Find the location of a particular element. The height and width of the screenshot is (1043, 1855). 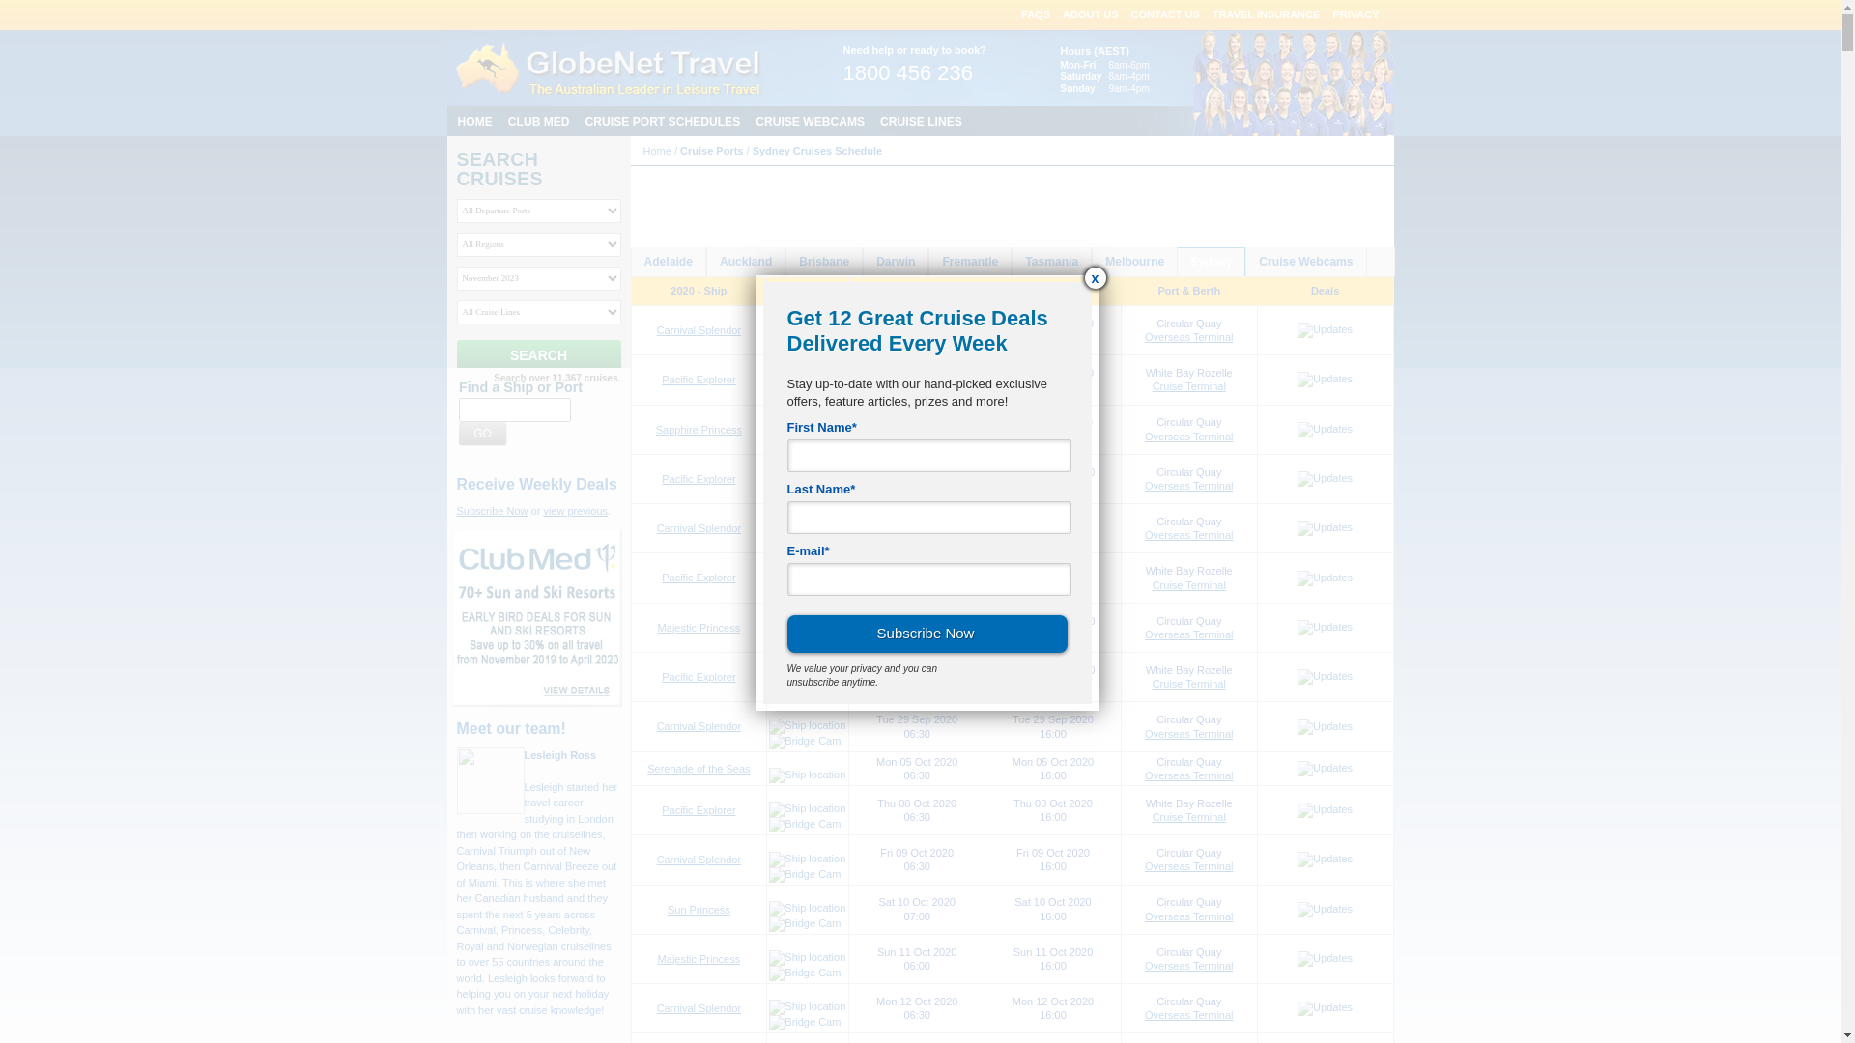

'Ship location' is located at coordinates (807, 726).